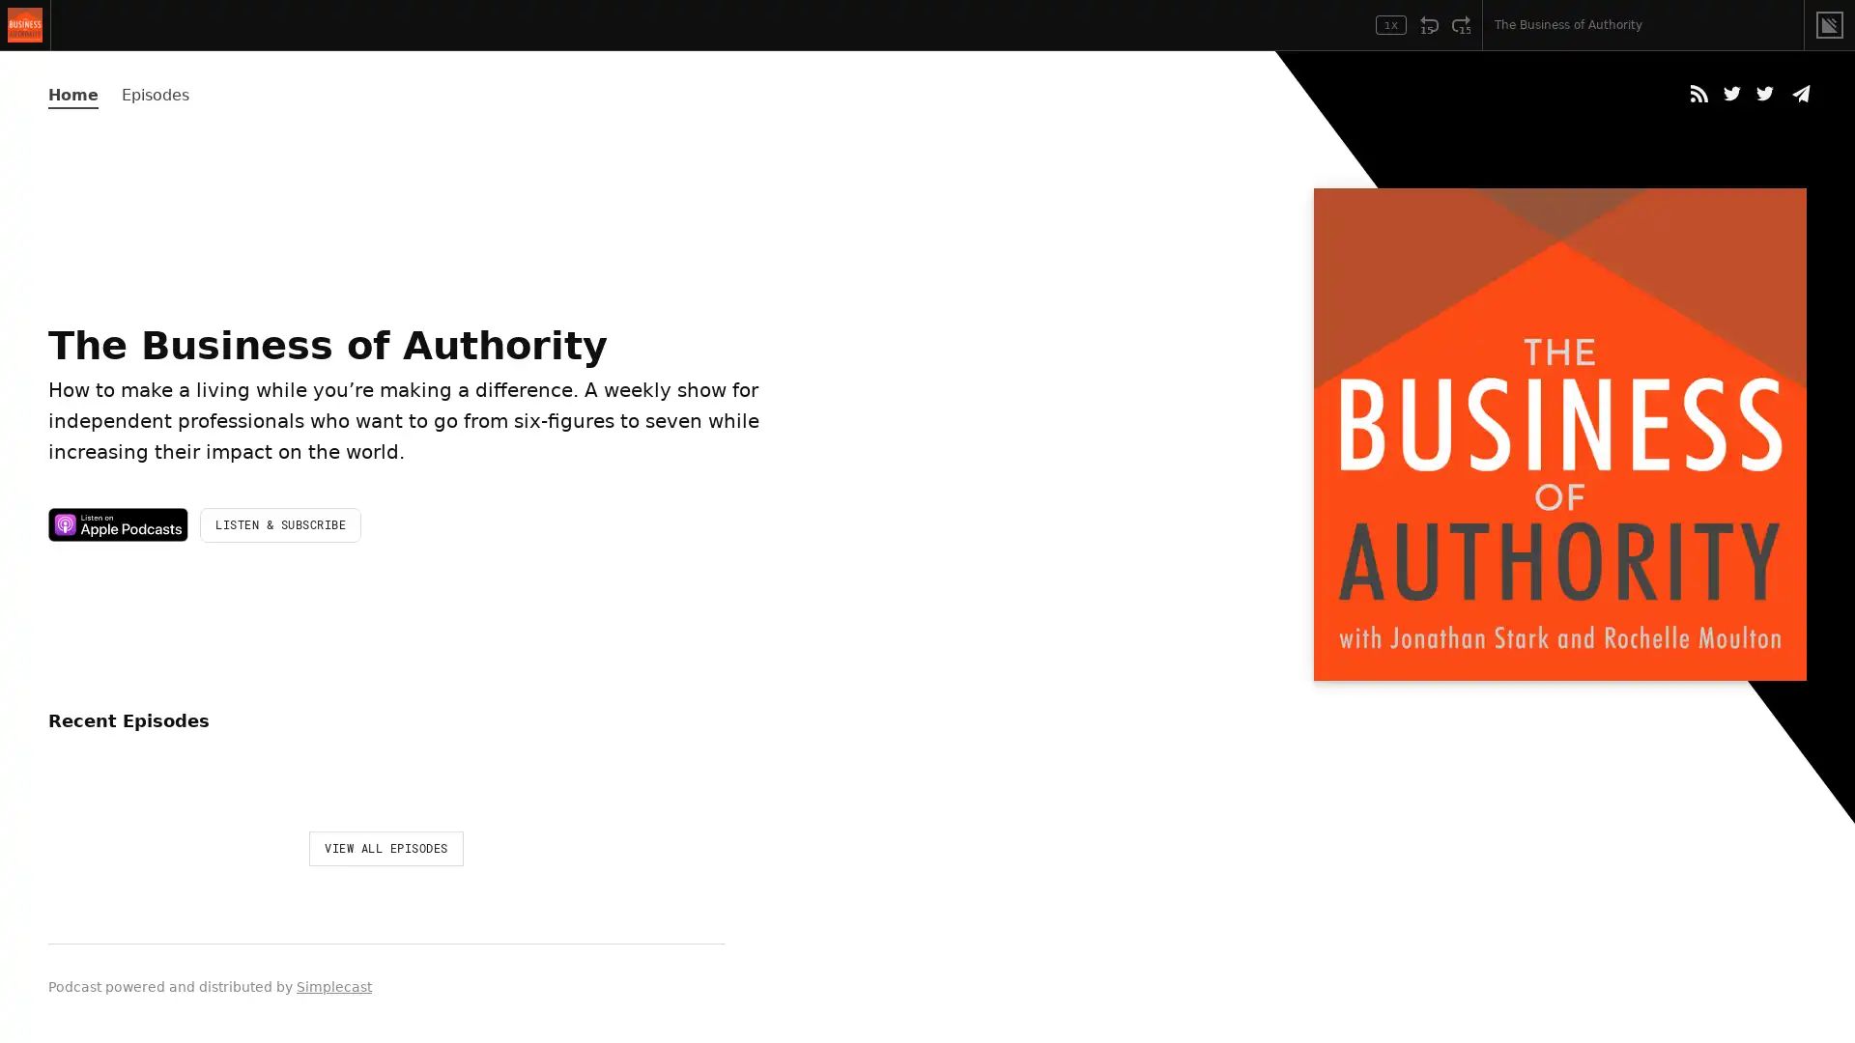 This screenshot has height=1043, width=1855. What do you see at coordinates (279, 524) in the screenshot?
I see `LISTEN & SUBSCRIBE` at bounding box center [279, 524].